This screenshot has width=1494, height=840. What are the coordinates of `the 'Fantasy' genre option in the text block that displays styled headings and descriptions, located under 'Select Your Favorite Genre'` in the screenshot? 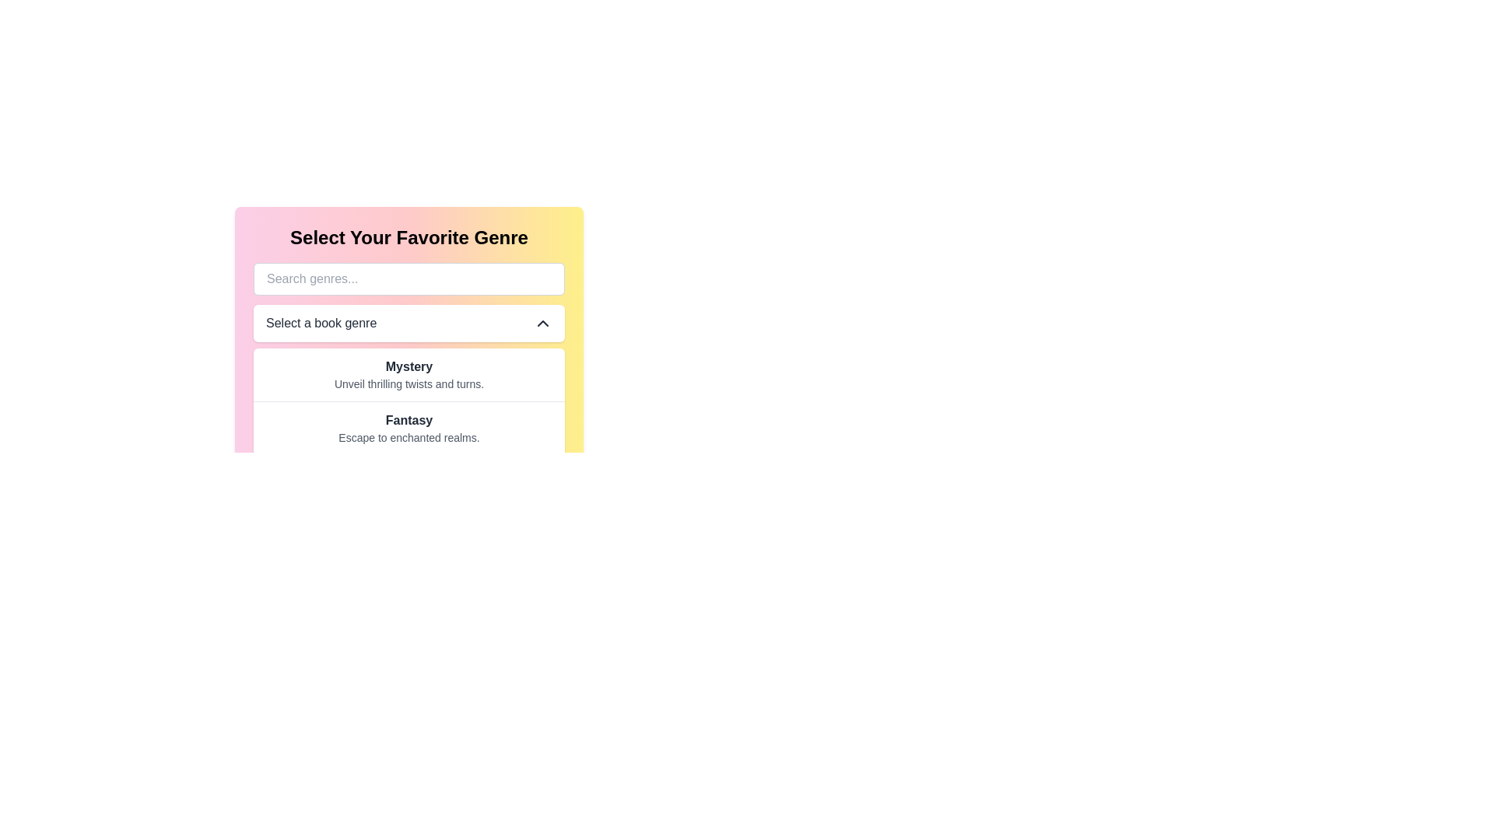 It's located at (409, 429).